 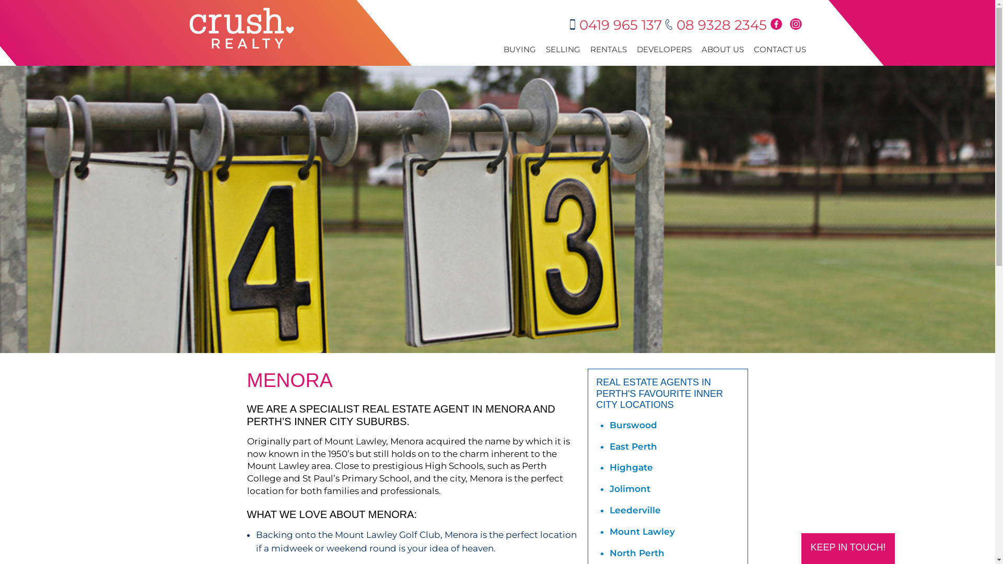 What do you see at coordinates (562, 50) in the screenshot?
I see `'SELLING'` at bounding box center [562, 50].